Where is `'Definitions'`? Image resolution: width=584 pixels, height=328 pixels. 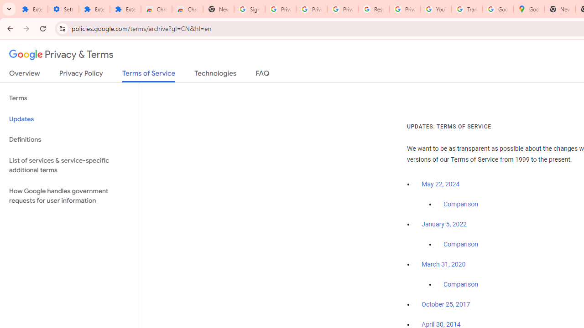
'Definitions' is located at coordinates (69, 139).